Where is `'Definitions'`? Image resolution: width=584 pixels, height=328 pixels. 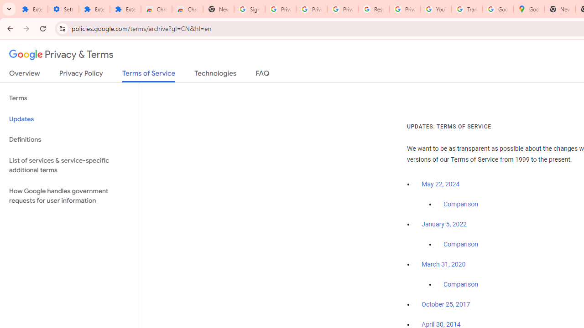
'Definitions' is located at coordinates (69, 139).